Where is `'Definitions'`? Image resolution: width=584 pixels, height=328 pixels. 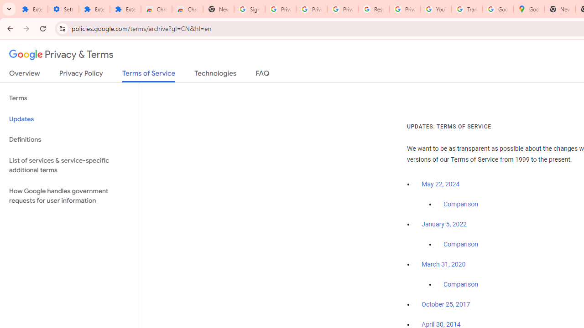
'Definitions' is located at coordinates (69, 139).